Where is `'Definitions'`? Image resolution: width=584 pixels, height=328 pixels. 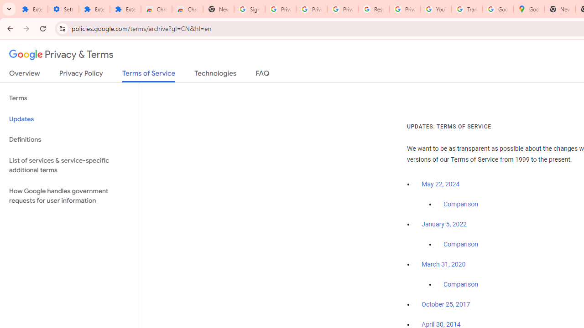
'Definitions' is located at coordinates (69, 139).